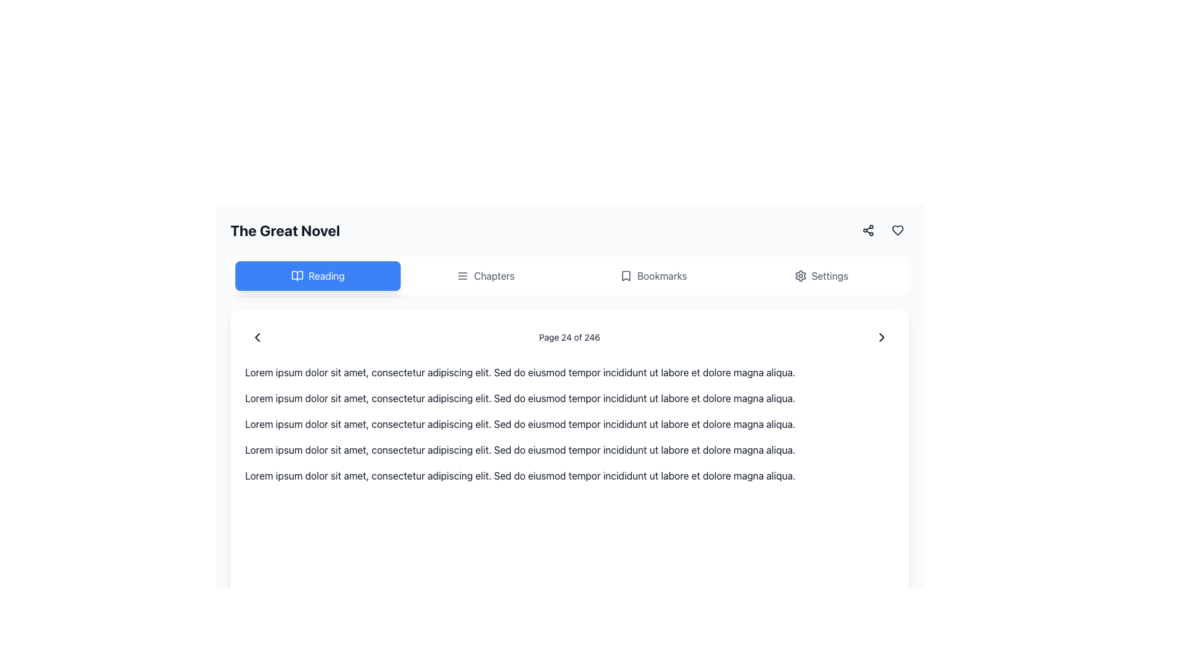 The width and height of the screenshot is (1180, 664). Describe the element at coordinates (568, 424) in the screenshot. I see `the text block containing 'Lorem ipsum dolor sit amet, consectetur adipiscing elit. Sed do eiusmod tempor incididunt ut labore et dolore magna aliqua.'` at that location.